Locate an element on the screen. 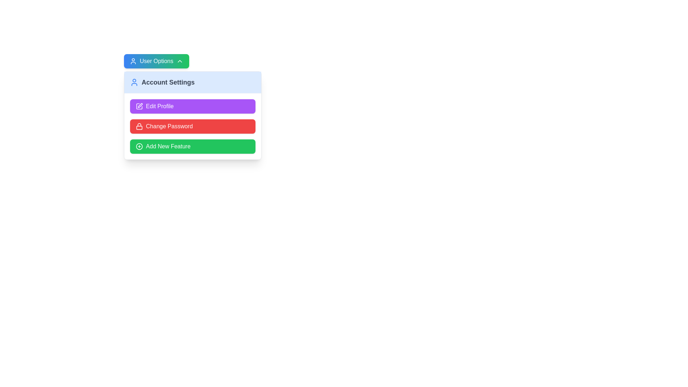 Image resolution: width=688 pixels, height=387 pixels. the expand/collapse icon located at the right of the 'User Options' button, which indicates the button's functionality to expand or collapse a menu is located at coordinates (180, 61).